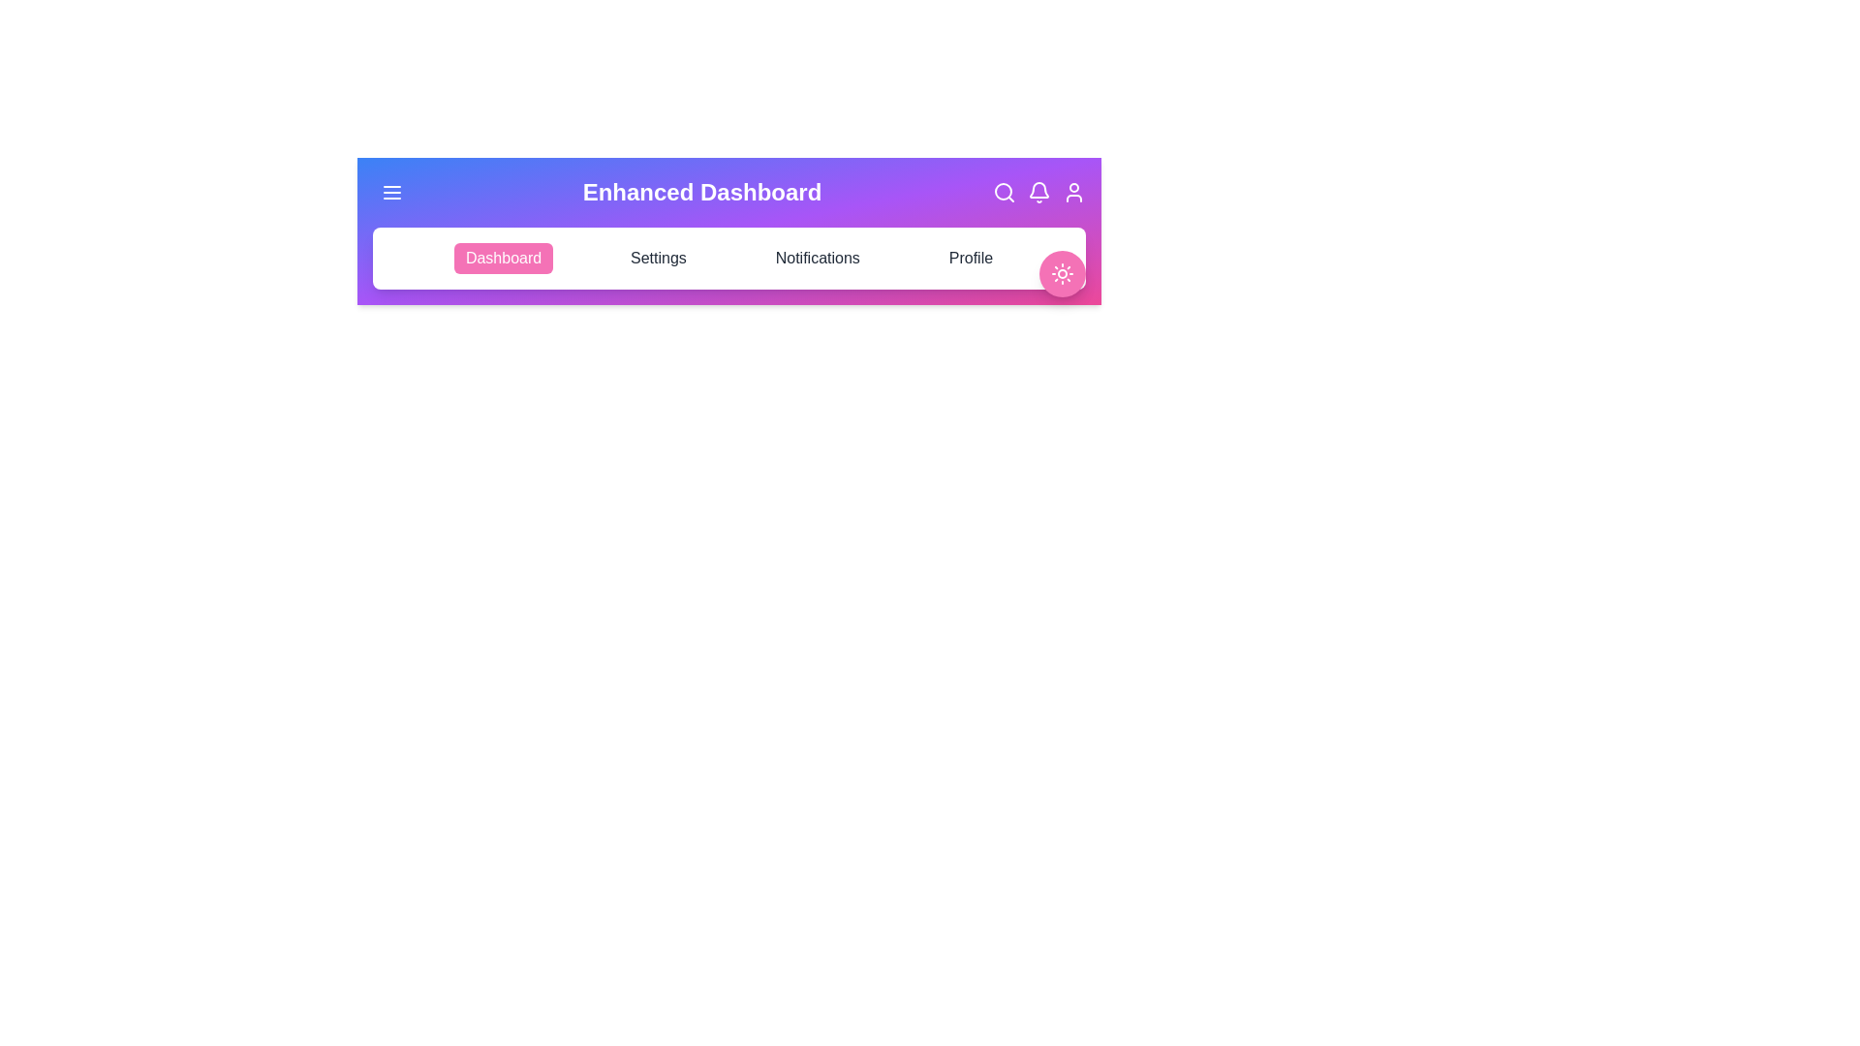 Image resolution: width=1860 pixels, height=1046 pixels. Describe the element at coordinates (971, 257) in the screenshot. I see `the tab named Profile in the navigation bar` at that location.